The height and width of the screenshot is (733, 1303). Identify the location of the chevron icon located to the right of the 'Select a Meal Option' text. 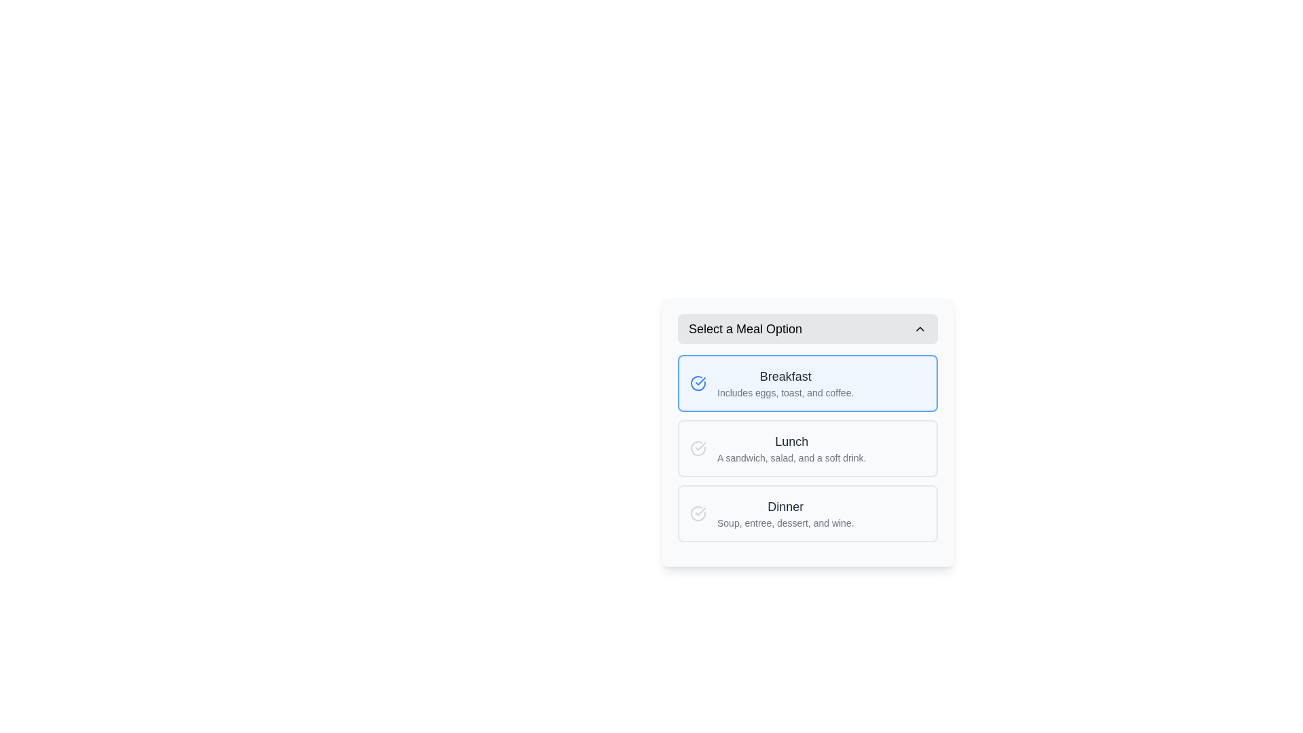
(920, 329).